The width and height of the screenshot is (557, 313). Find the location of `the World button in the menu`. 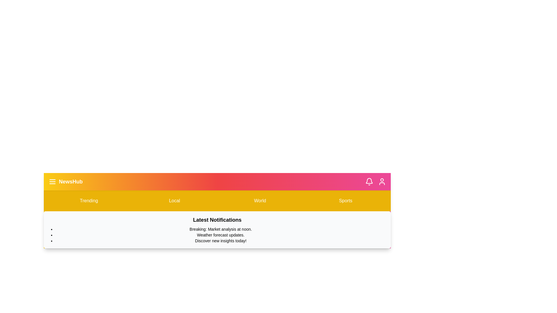

the World button in the menu is located at coordinates (260, 201).